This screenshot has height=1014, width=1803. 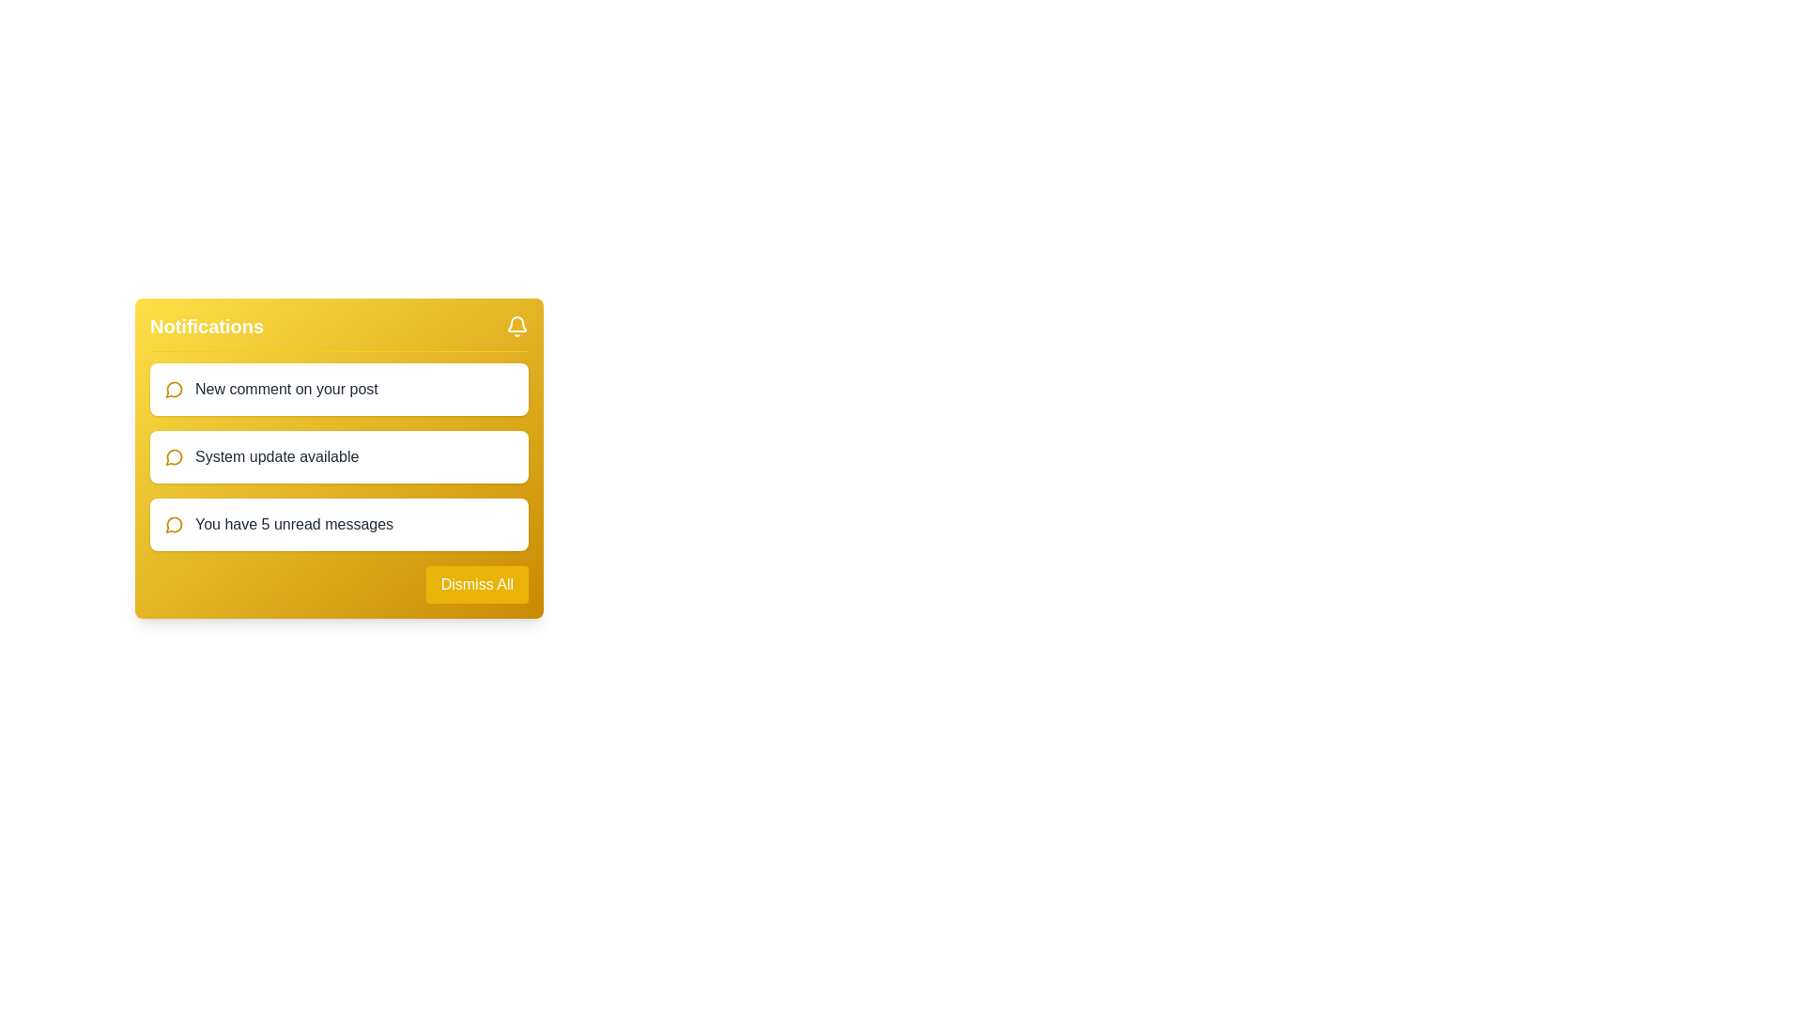 What do you see at coordinates (175, 456) in the screenshot?
I see `the small circular yellow speech bubble icon located to the left of the 'System update available' notification box` at bounding box center [175, 456].